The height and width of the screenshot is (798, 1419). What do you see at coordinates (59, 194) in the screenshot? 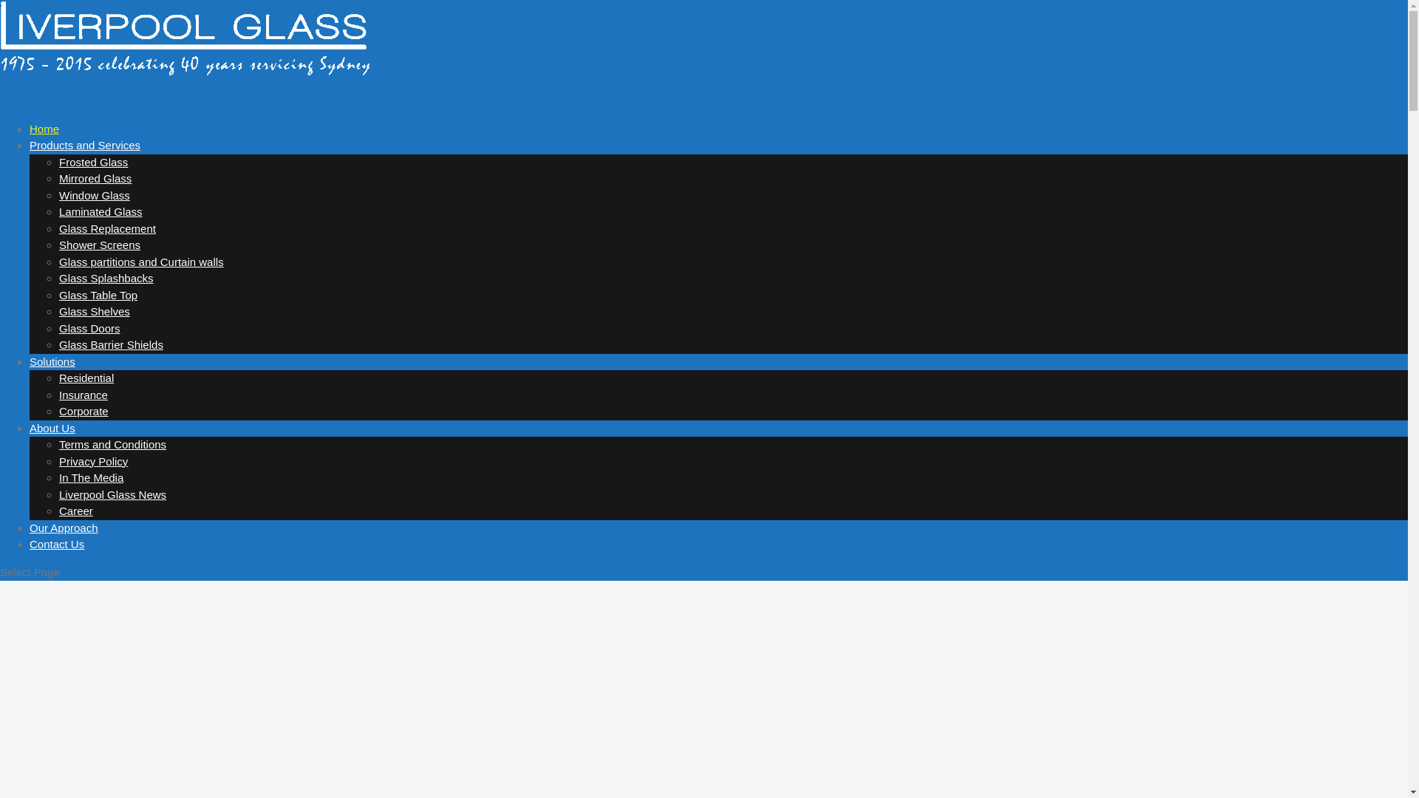
I see `'Window Glass'` at bounding box center [59, 194].